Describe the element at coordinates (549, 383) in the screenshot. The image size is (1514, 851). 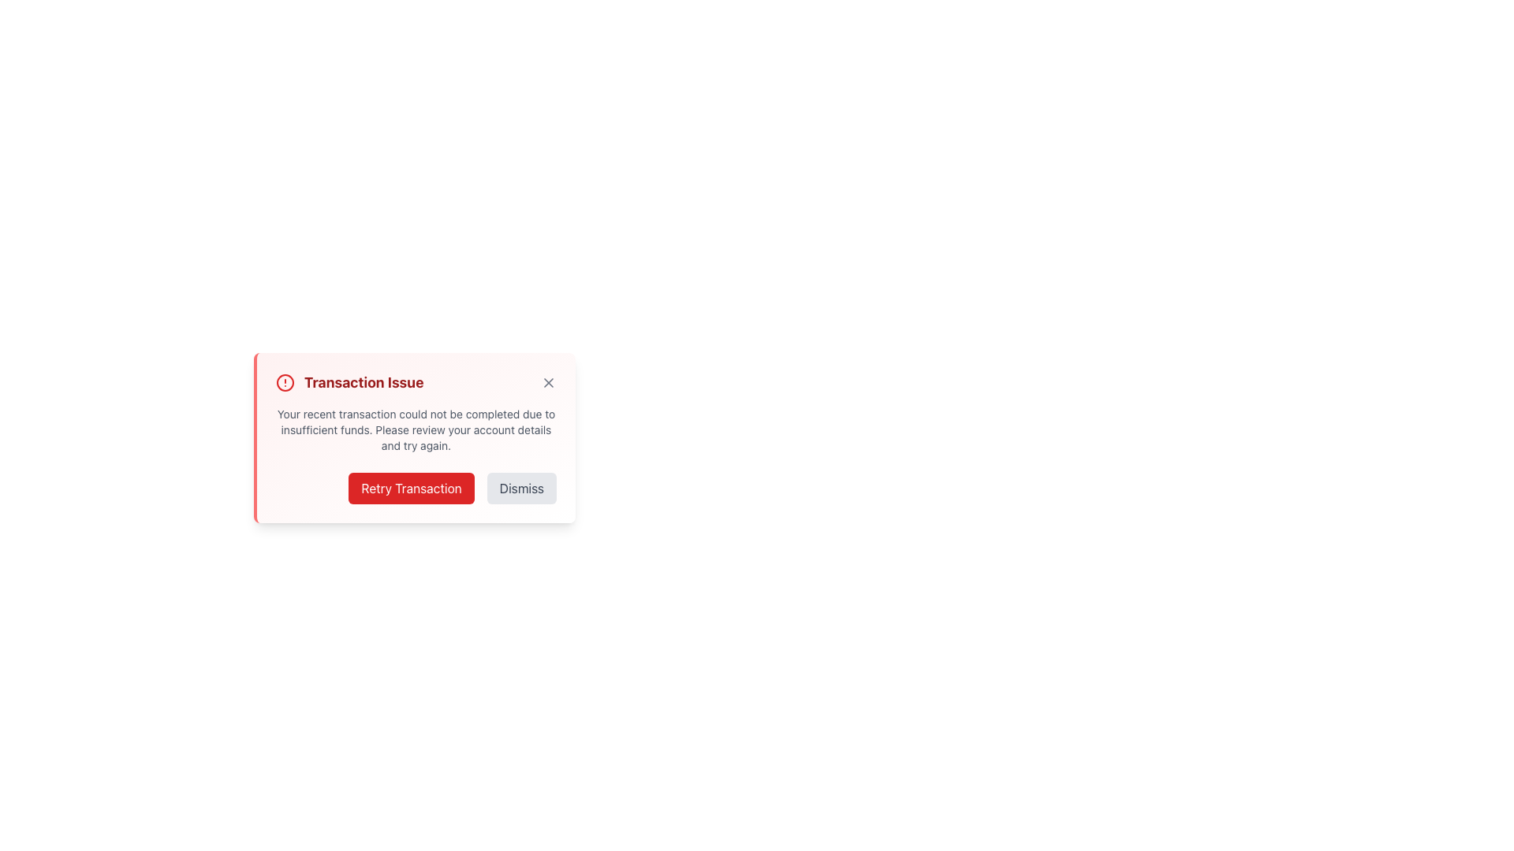
I see `the close button represented by an 'X' icon in the top-right corner of the alert box` at that location.